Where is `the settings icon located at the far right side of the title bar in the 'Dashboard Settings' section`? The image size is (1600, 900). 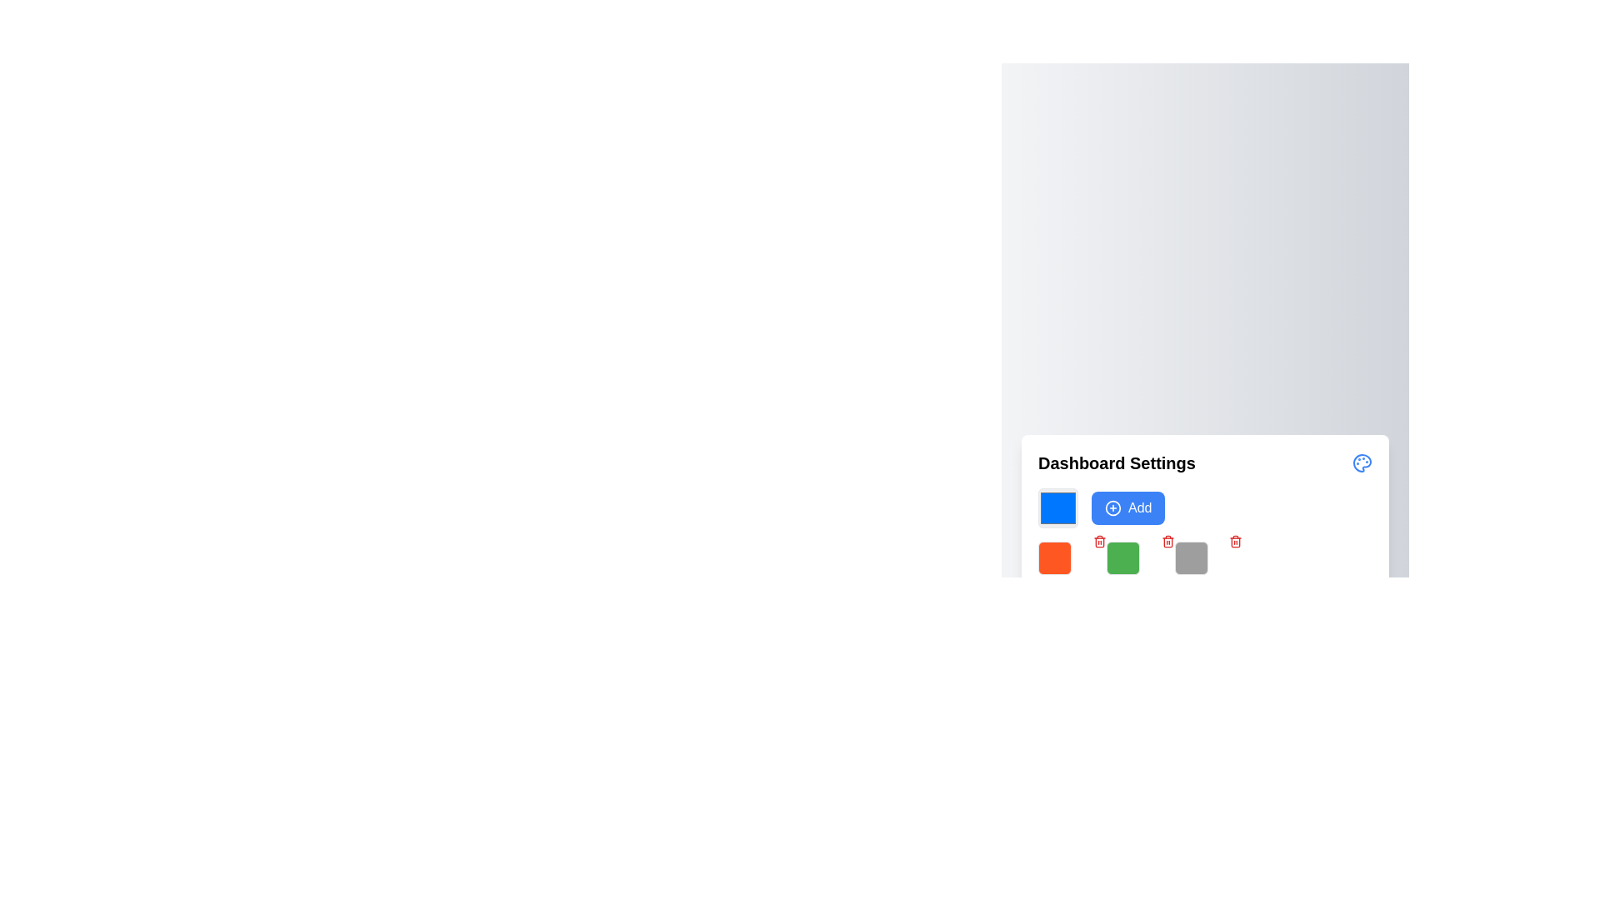
the settings icon located at the far right side of the title bar in the 'Dashboard Settings' section is located at coordinates (1362, 462).